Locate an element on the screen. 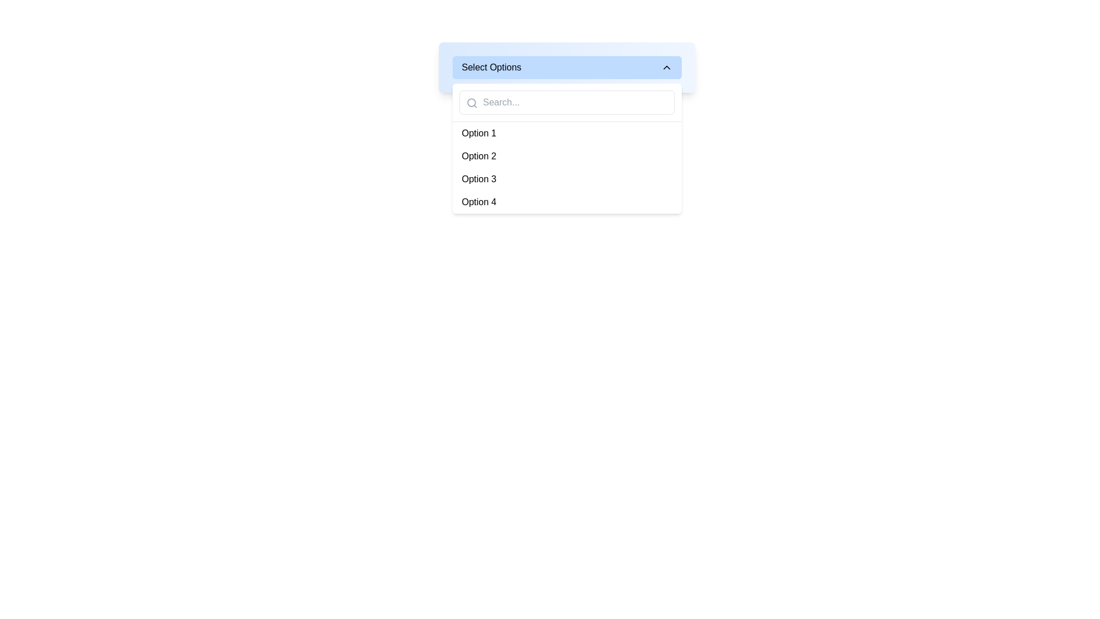  the list item labeled 'Option 2' in the dropdown menu is located at coordinates (567, 156).